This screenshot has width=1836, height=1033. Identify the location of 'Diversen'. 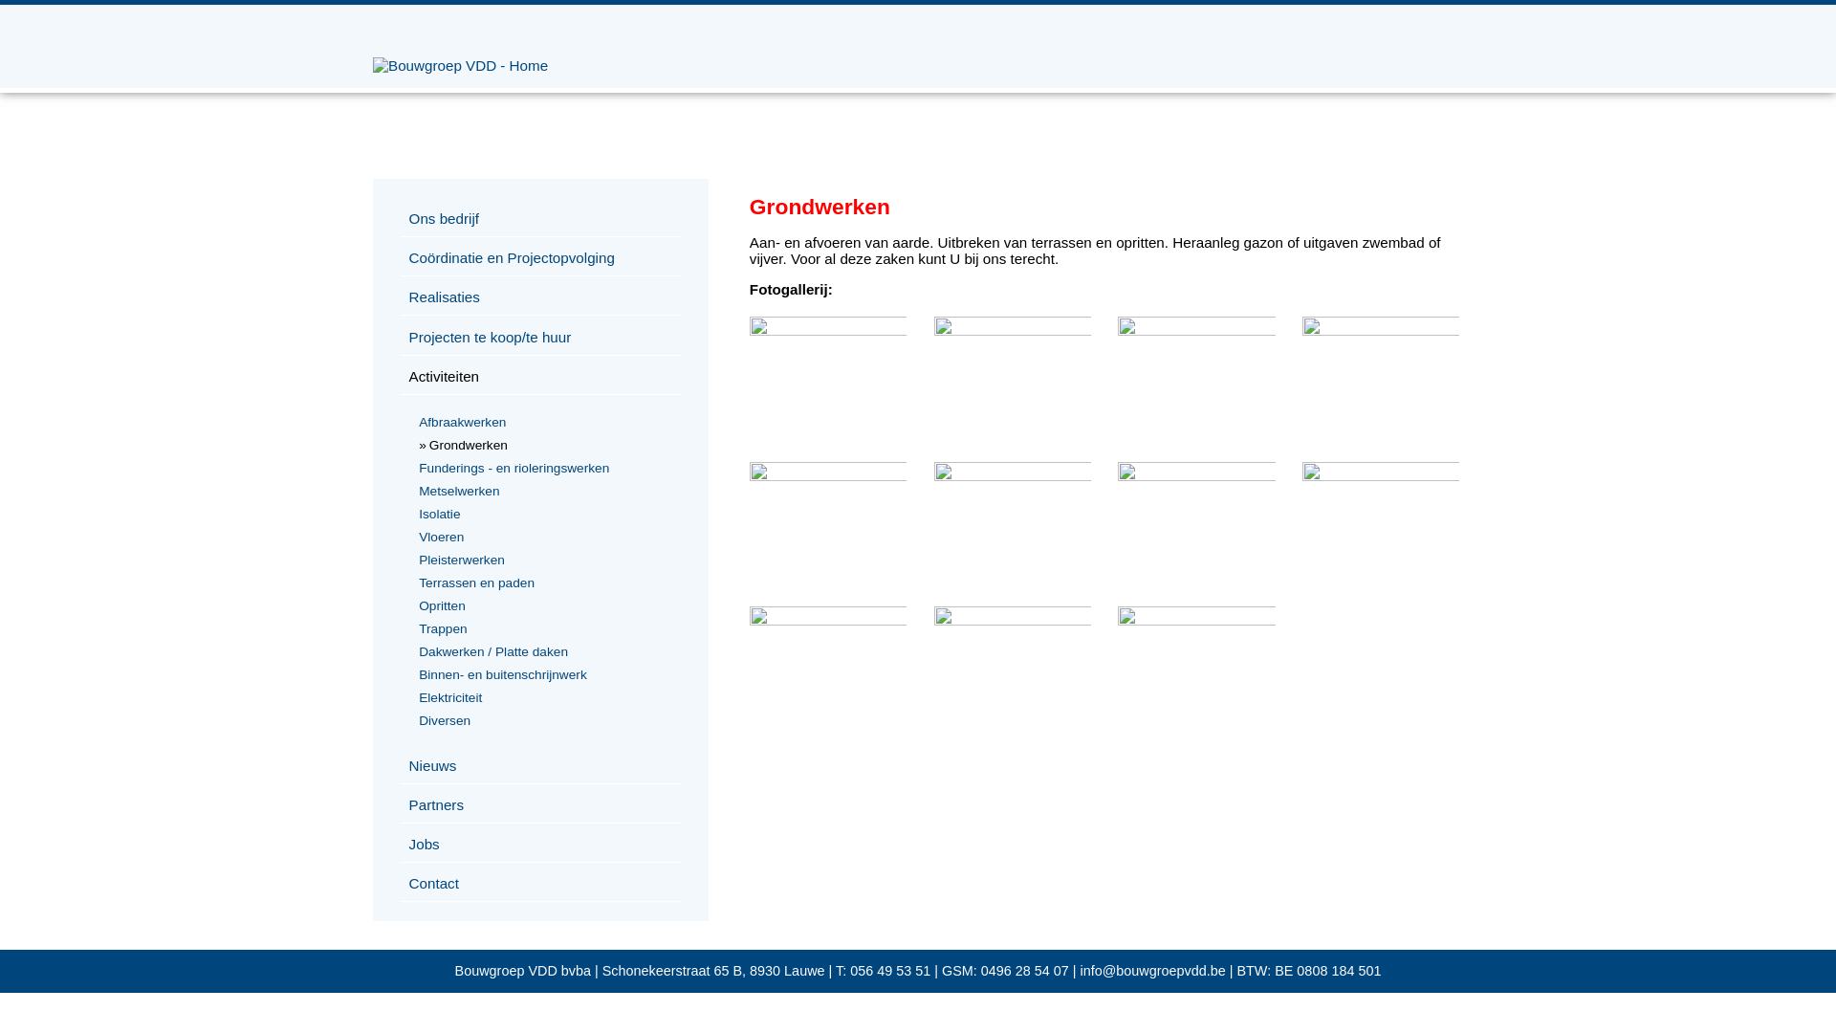
(544, 720).